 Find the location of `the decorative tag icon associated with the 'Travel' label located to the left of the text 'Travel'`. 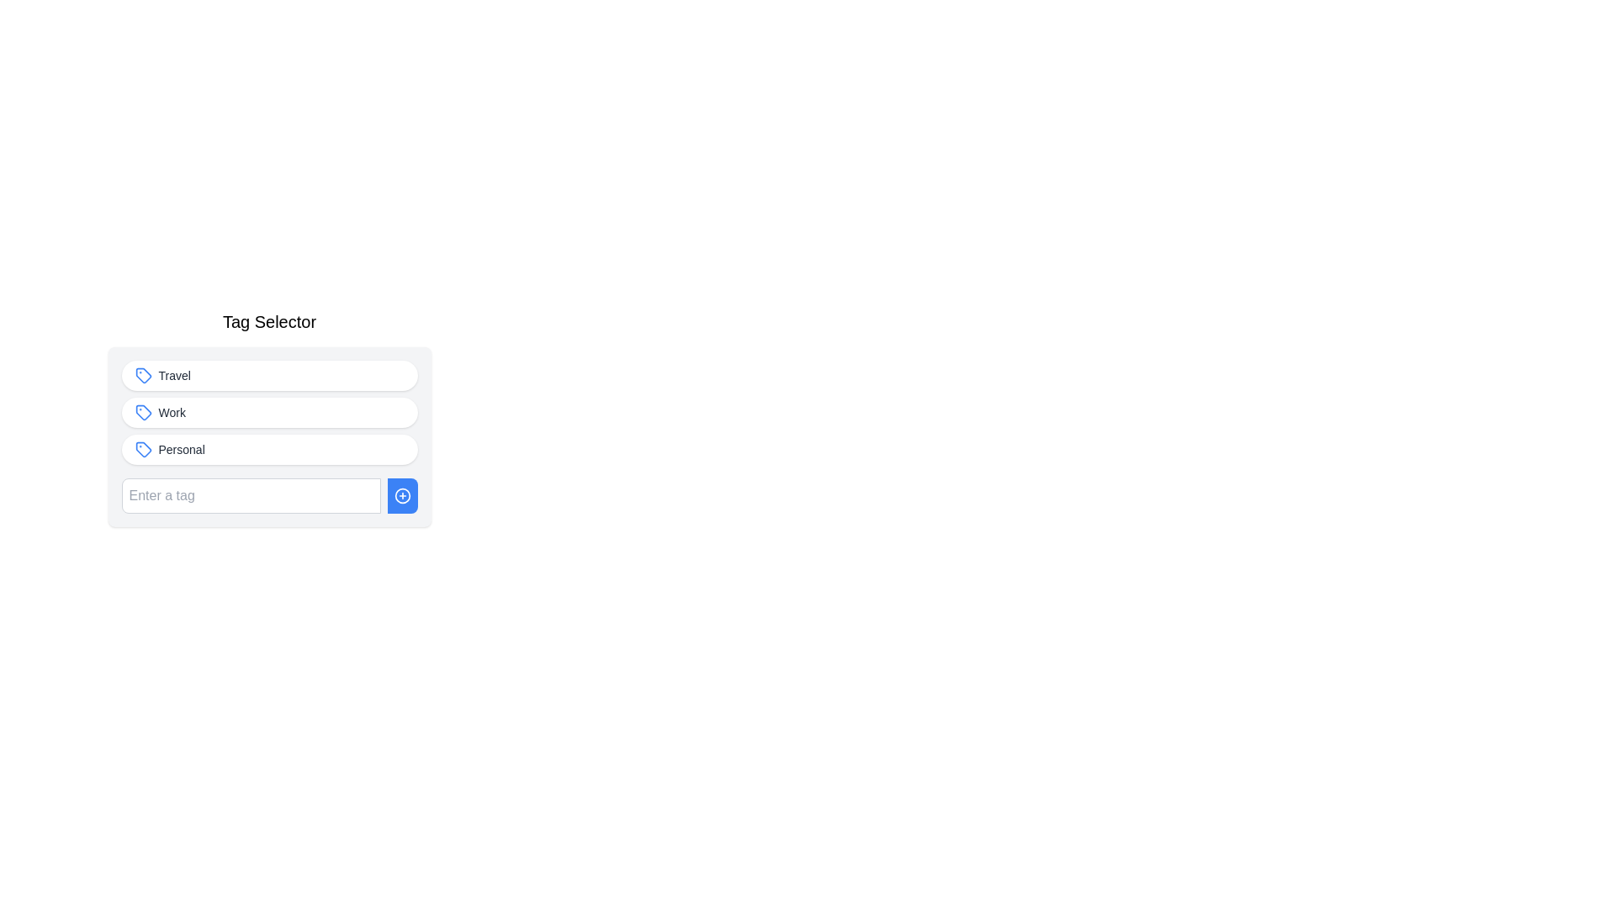

the decorative tag icon associated with the 'Travel' label located to the left of the text 'Travel' is located at coordinates (143, 375).